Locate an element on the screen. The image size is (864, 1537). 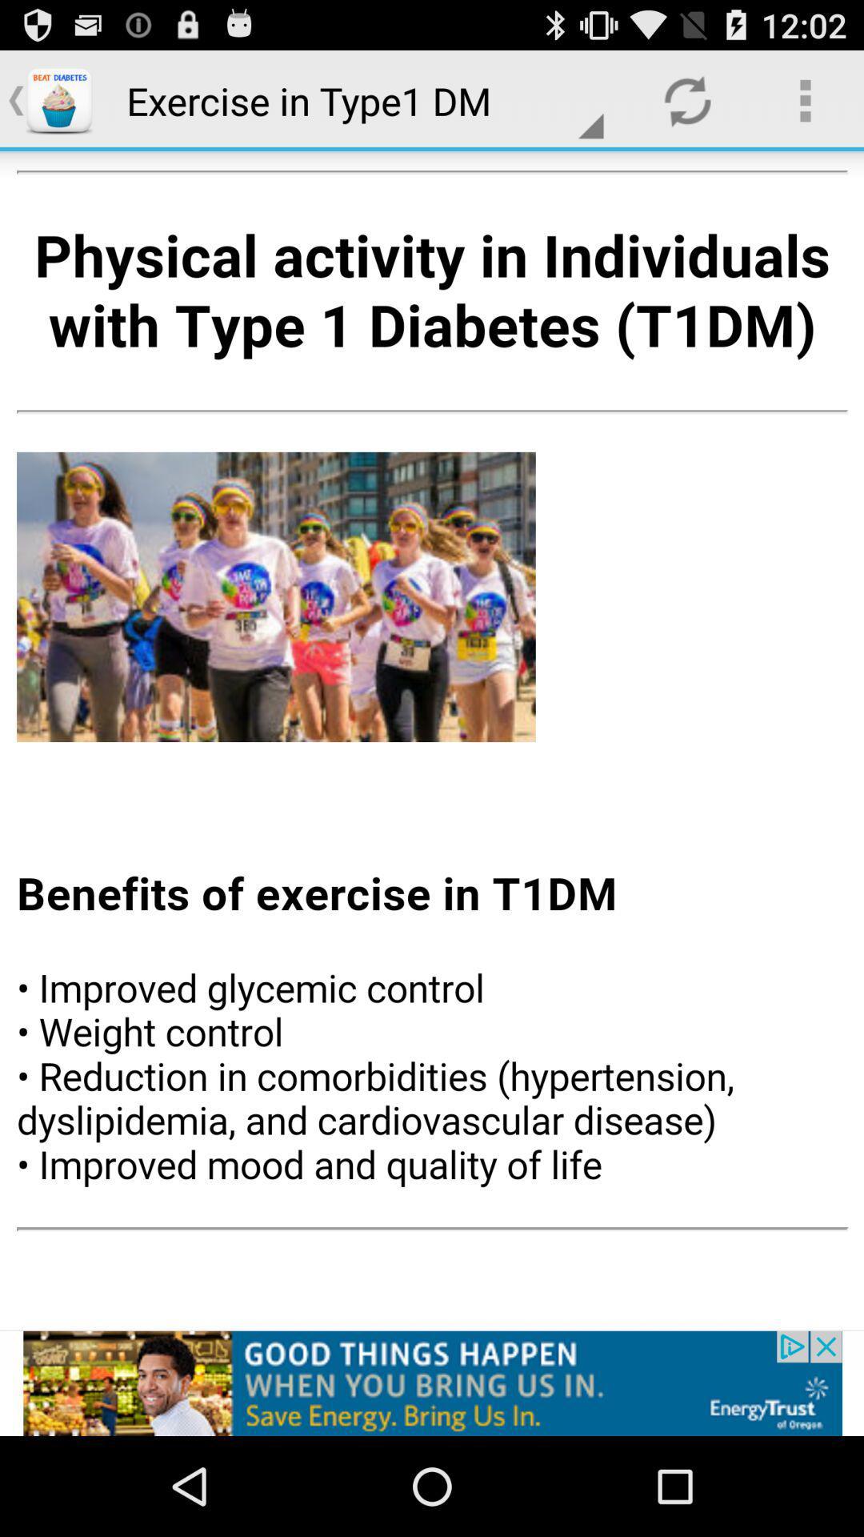
energy trust announcement is located at coordinates (432, 1382).